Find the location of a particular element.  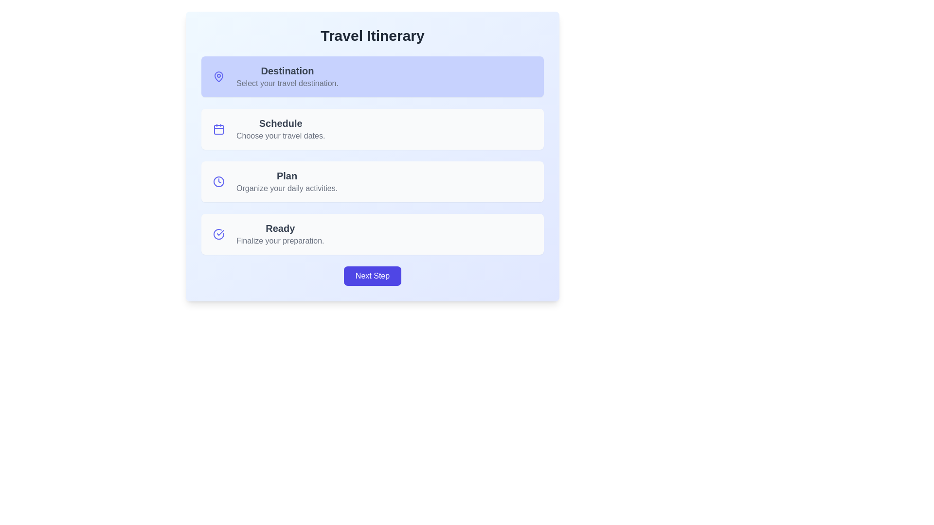

the circular SVG graphics component that serves as a decorative boundary for the clock icon in the 'Plan' section, located in the third card of the interface is located at coordinates (218, 182).